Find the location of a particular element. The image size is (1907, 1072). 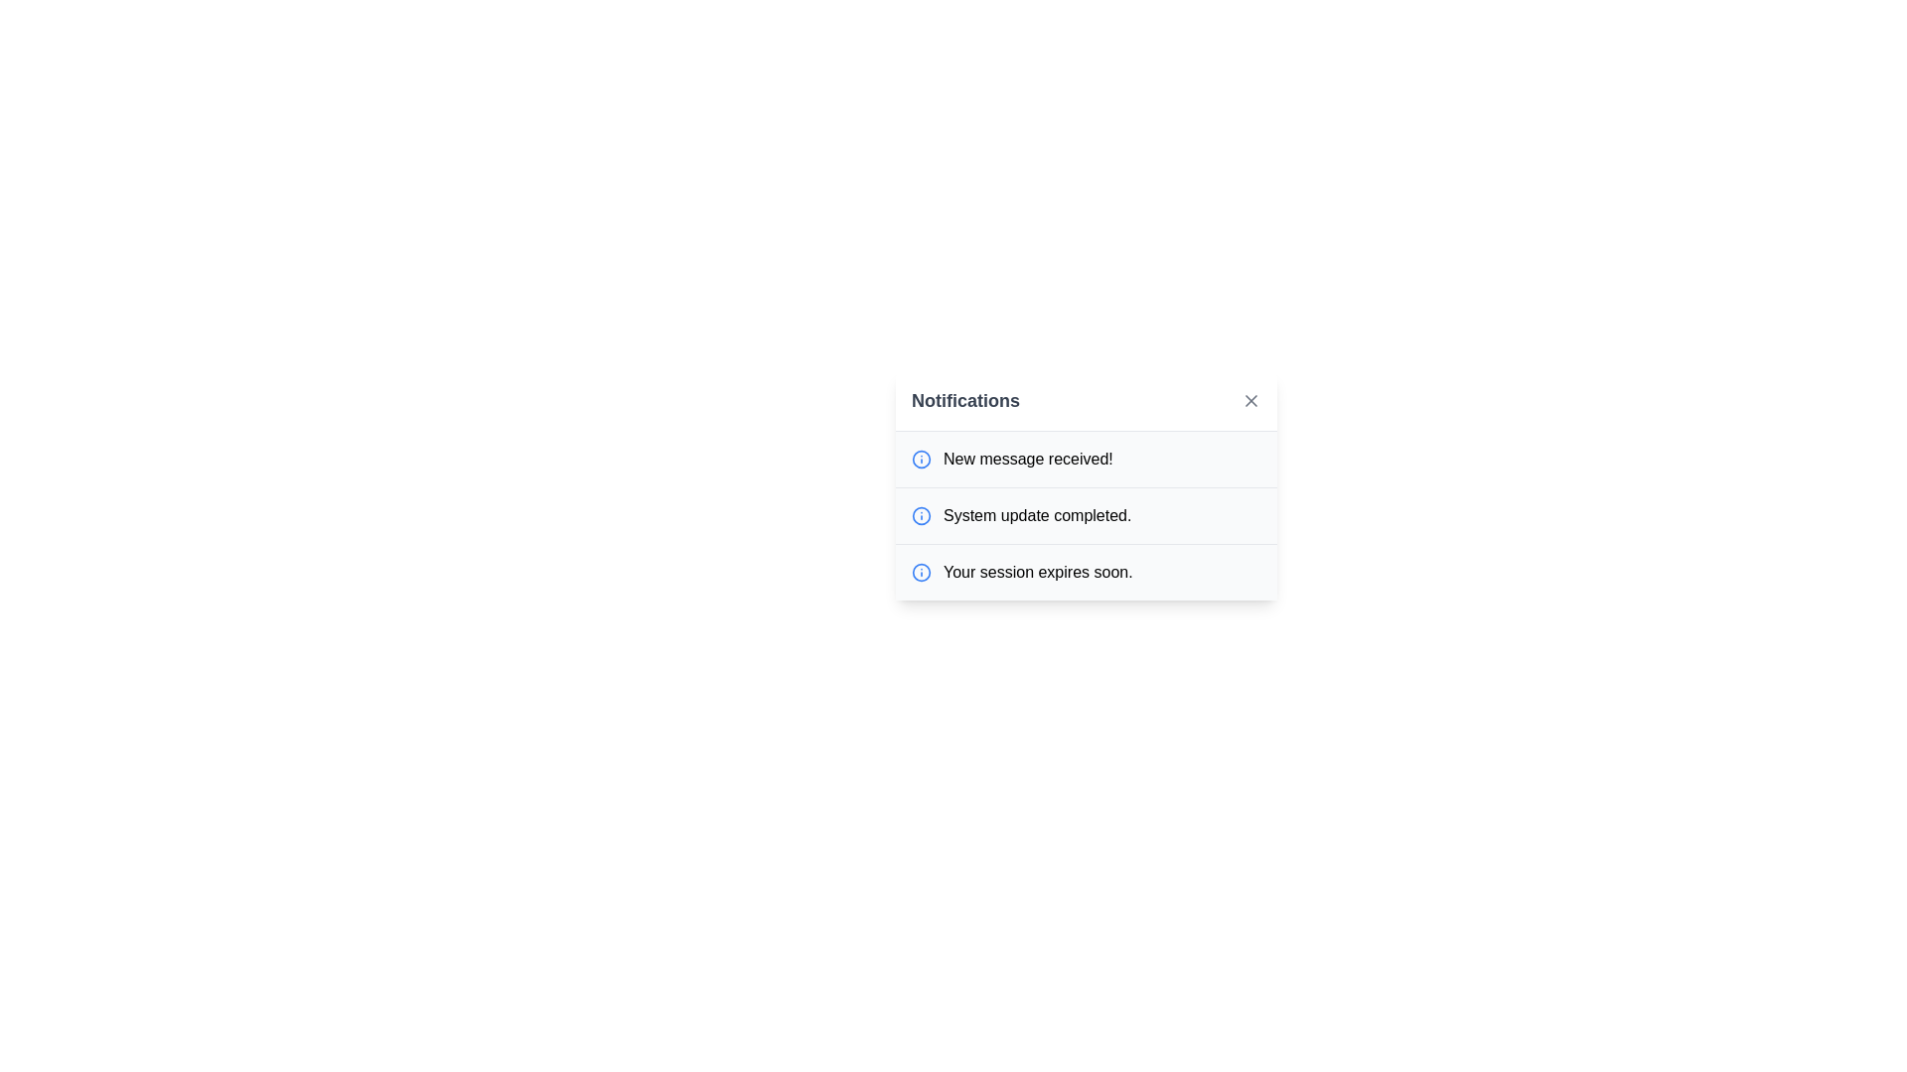

the small diagonal cross sign ('X') icon in the notifications panel header to trigger the tooltip is located at coordinates (1249, 401).